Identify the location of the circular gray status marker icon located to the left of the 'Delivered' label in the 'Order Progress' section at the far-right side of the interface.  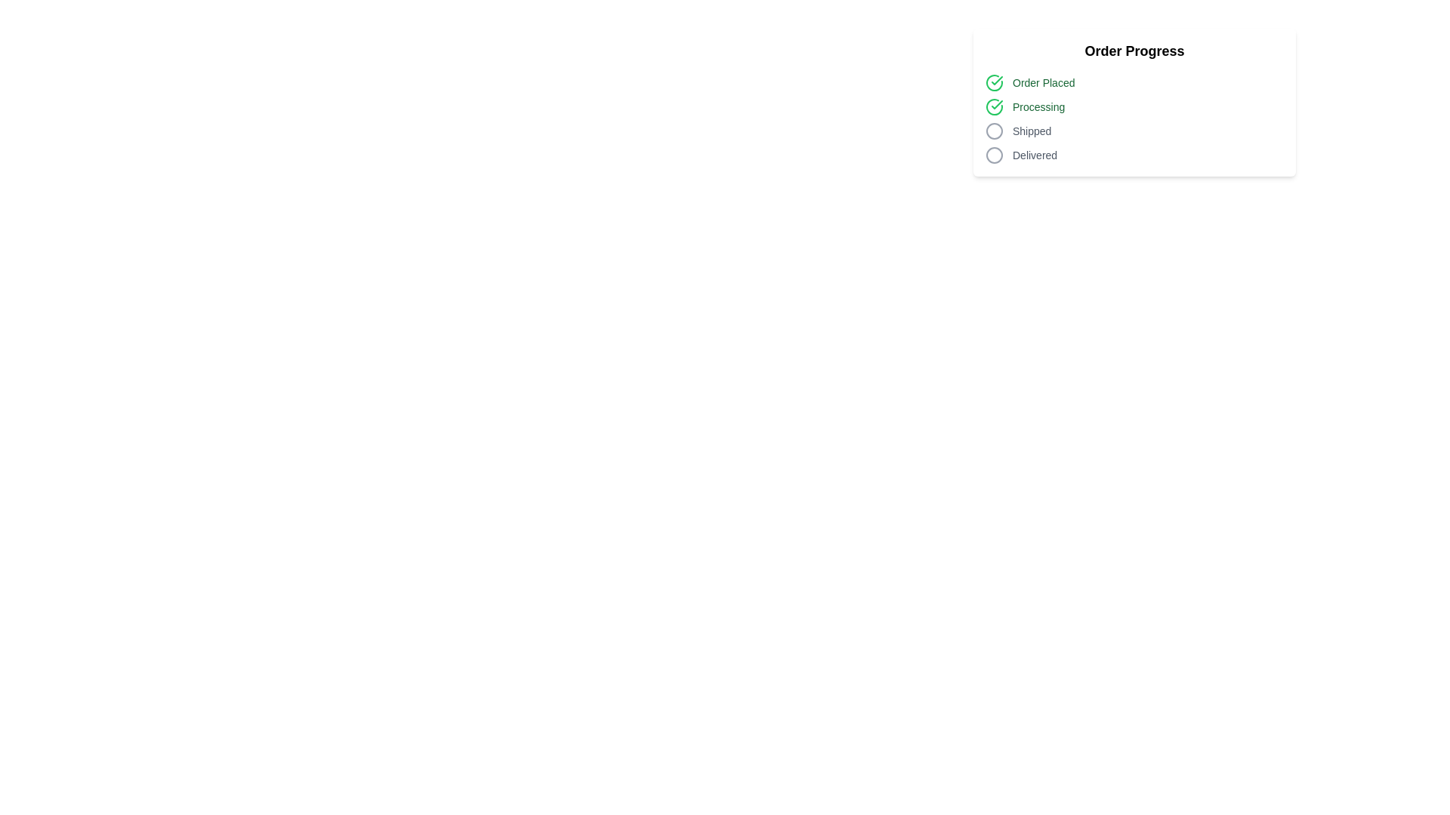
(994, 155).